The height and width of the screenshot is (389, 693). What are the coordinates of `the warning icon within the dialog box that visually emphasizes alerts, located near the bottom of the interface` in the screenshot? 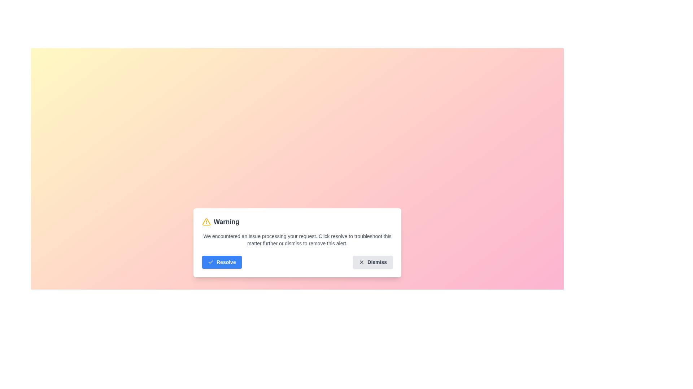 It's located at (206, 222).